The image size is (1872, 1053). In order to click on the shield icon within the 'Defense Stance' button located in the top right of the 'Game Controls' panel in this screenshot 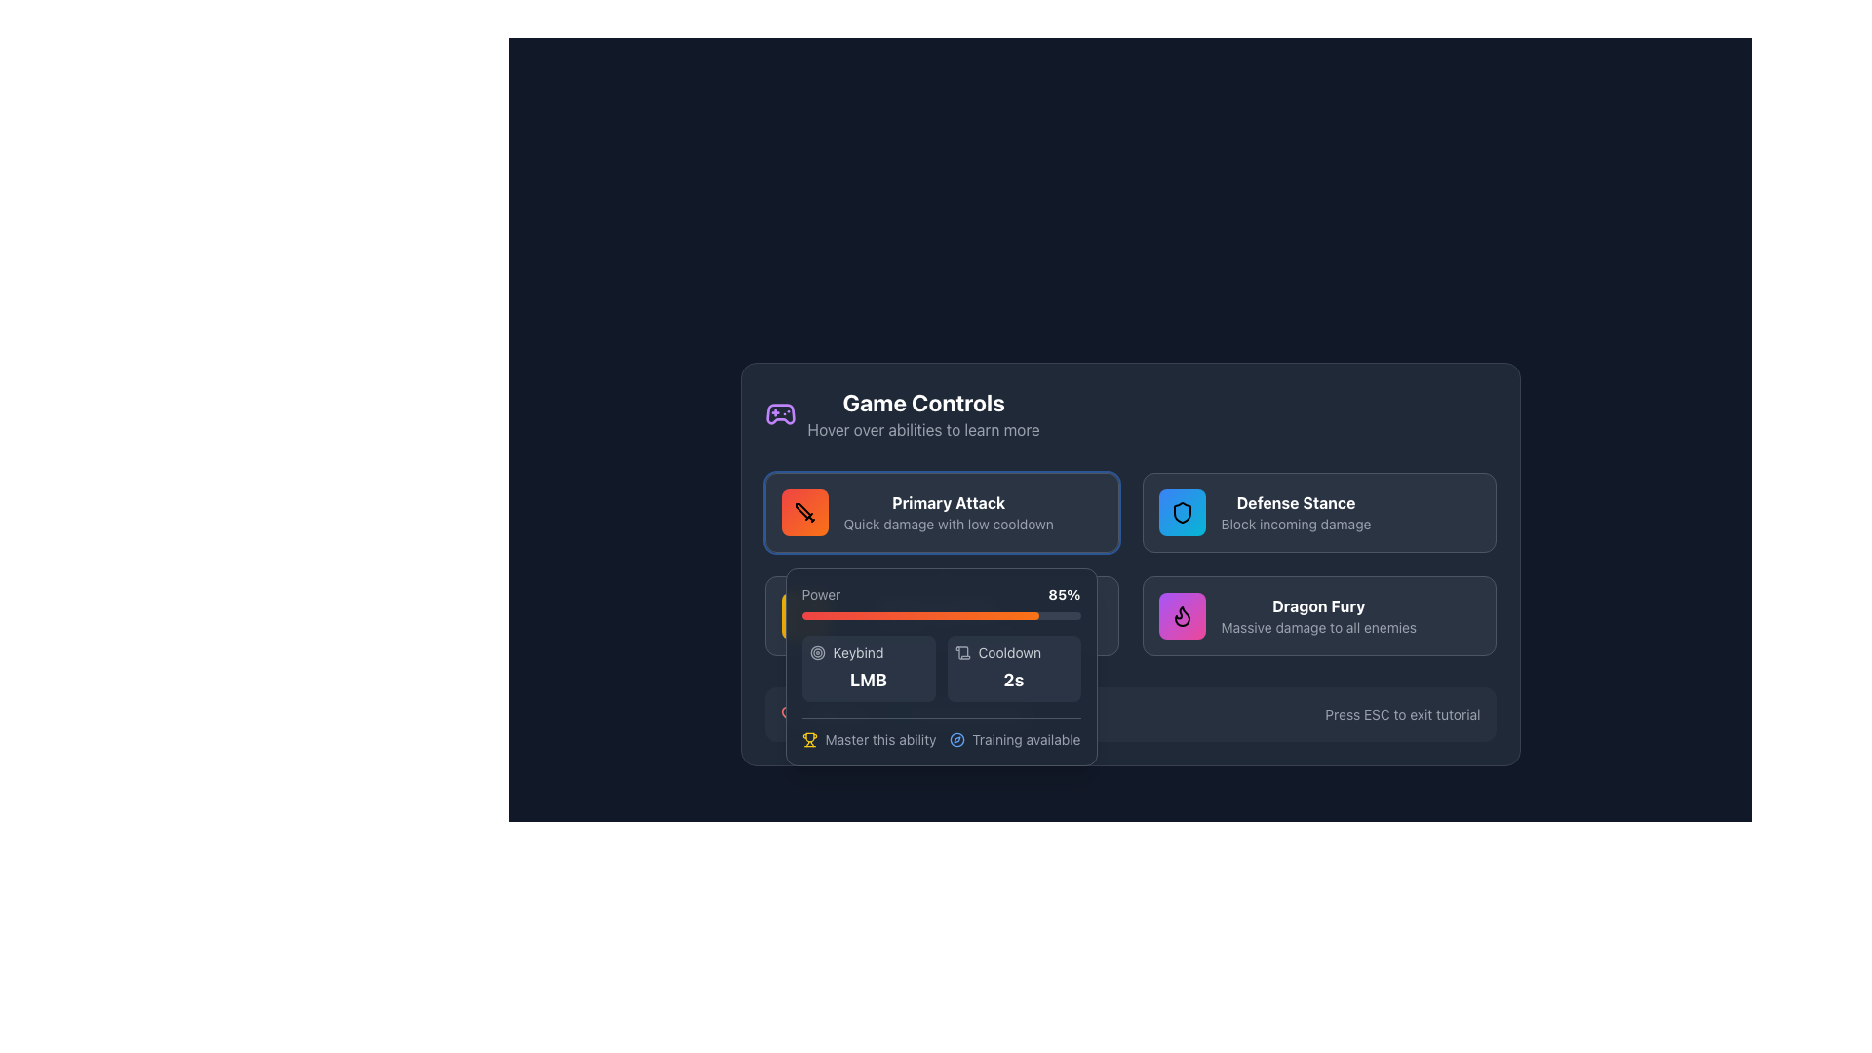, I will do `click(1181, 511)`.